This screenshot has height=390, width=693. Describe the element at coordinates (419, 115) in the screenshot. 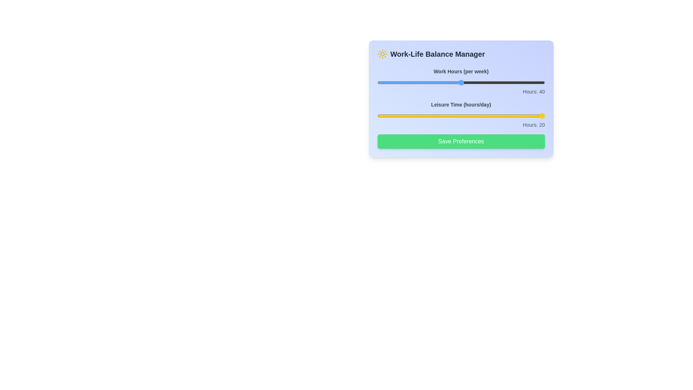

I see `the 'Leisure Time' slider to set leisure hours to 4` at that location.